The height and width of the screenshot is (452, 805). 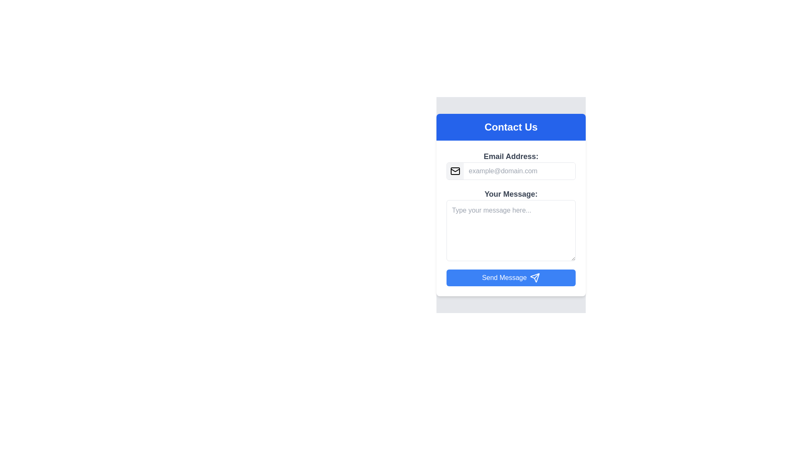 What do you see at coordinates (511, 127) in the screenshot?
I see `the text label that serves as the title or header of the form, which is positioned under a gray header section and contained within a blue background` at bounding box center [511, 127].